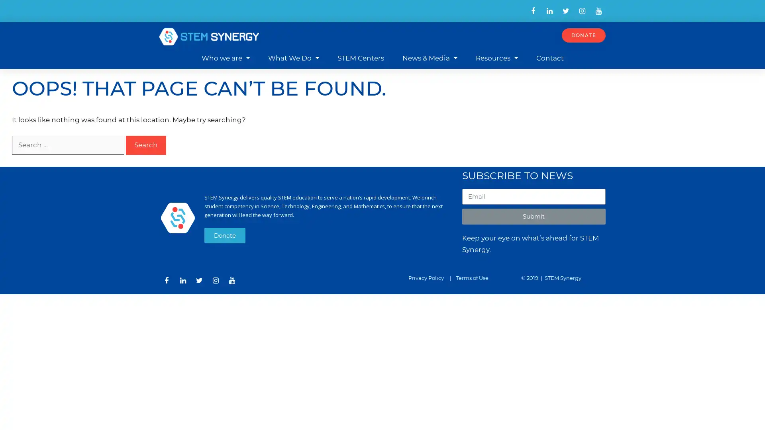 The image size is (765, 430). Describe the element at coordinates (146, 145) in the screenshot. I see `Search` at that location.